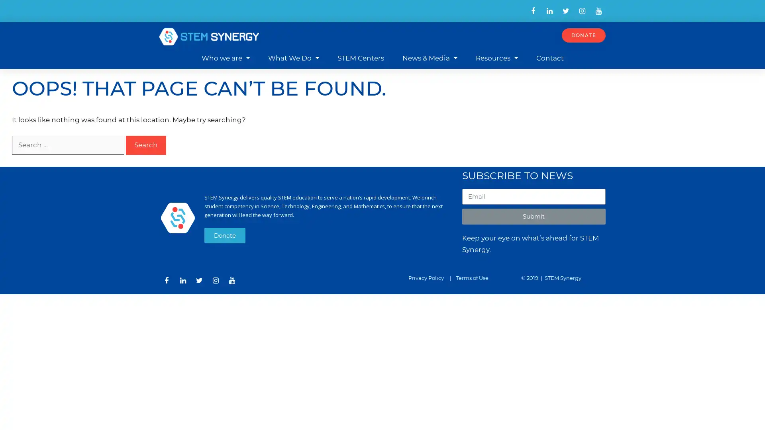 The image size is (765, 430). Describe the element at coordinates (146, 145) in the screenshot. I see `Search` at that location.